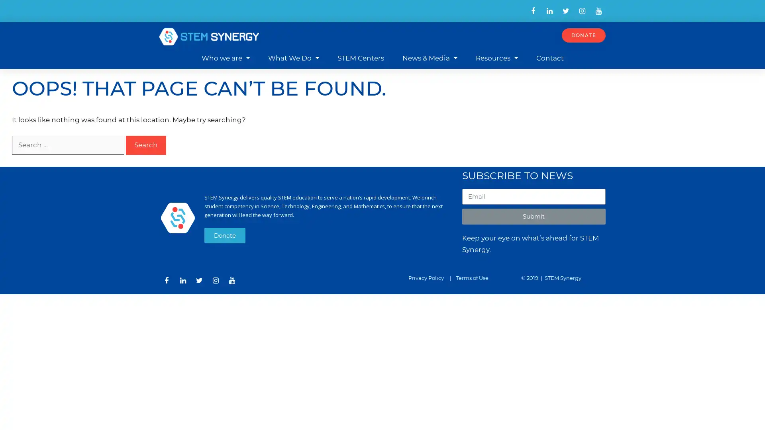 The image size is (765, 430). Describe the element at coordinates (146, 145) in the screenshot. I see `Search` at that location.